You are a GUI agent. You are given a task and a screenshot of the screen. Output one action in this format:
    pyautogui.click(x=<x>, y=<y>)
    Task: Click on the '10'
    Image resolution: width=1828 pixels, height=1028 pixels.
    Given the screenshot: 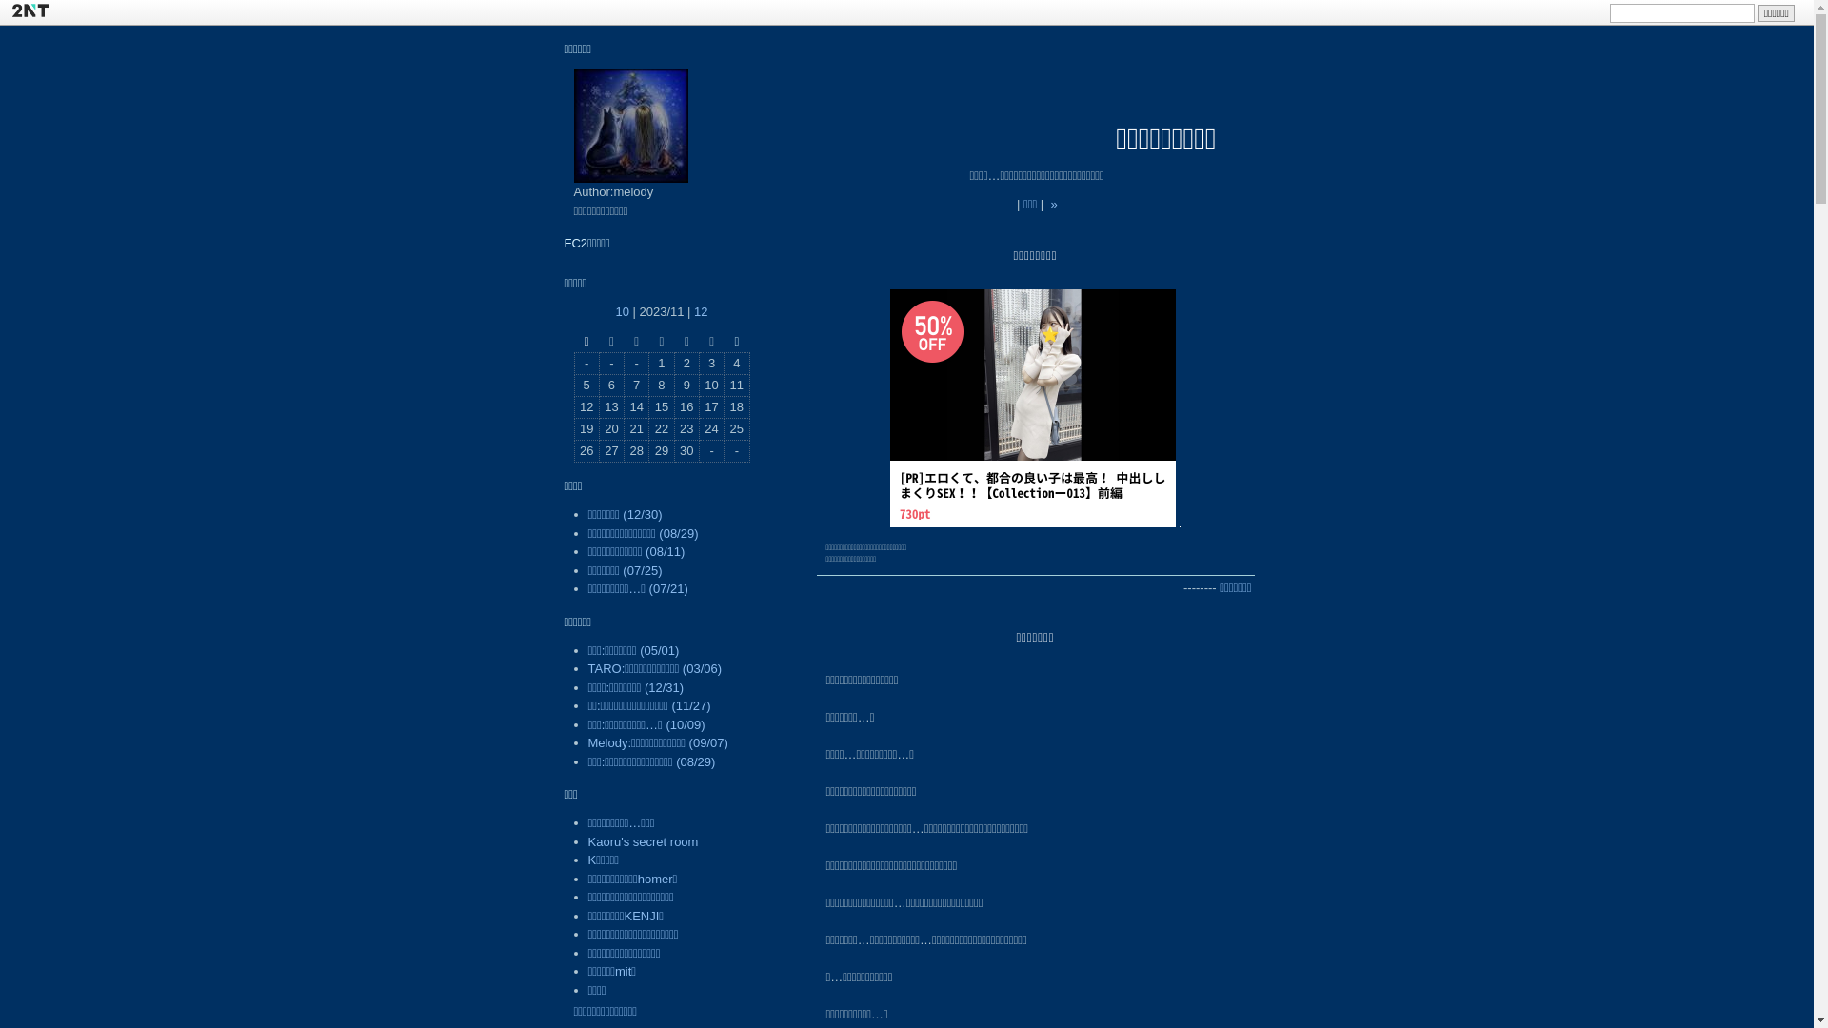 What is the action you would take?
    pyautogui.click(x=621, y=310)
    